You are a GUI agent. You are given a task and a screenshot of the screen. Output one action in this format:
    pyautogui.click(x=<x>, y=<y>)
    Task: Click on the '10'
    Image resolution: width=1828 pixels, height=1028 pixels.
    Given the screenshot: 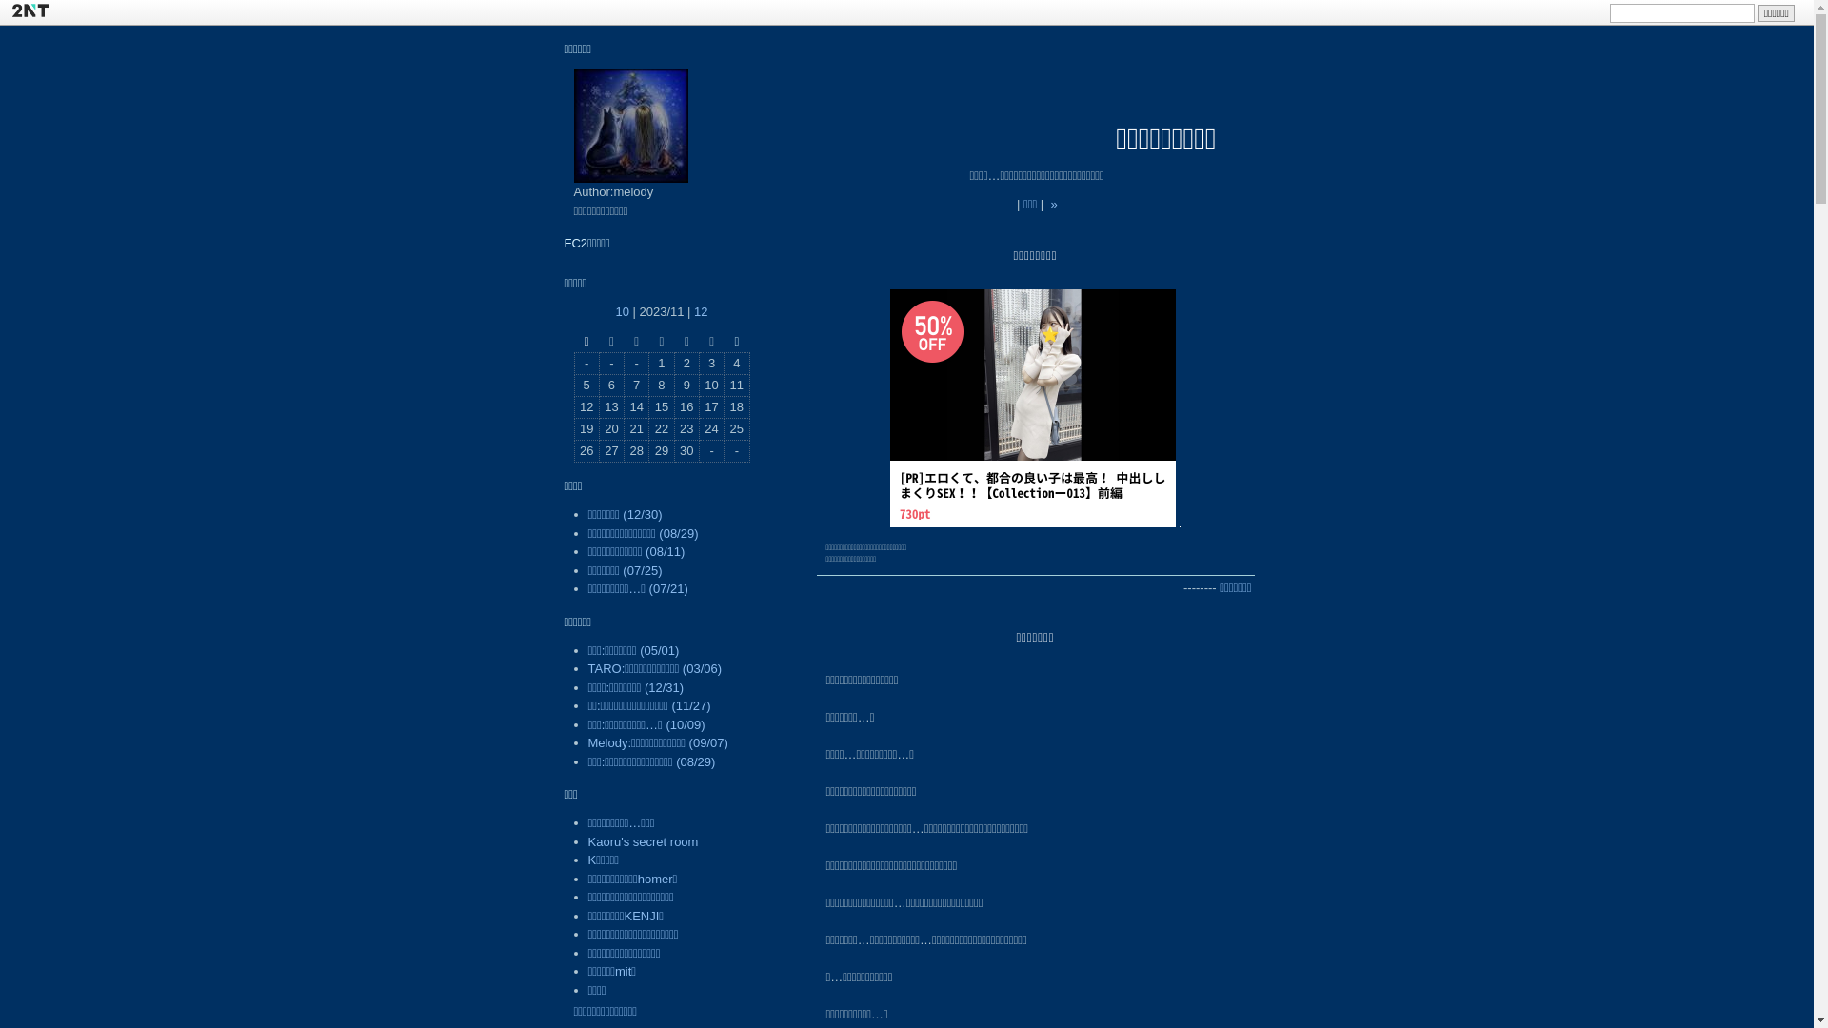 What is the action you would take?
    pyautogui.click(x=621, y=310)
    